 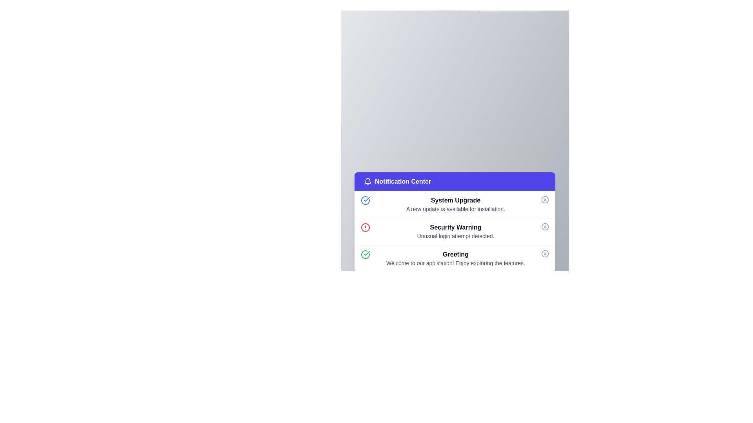 What do you see at coordinates (455, 231) in the screenshot?
I see `the second notification item in the 'Notification Center' that alerts about an unusual login attempt` at bounding box center [455, 231].